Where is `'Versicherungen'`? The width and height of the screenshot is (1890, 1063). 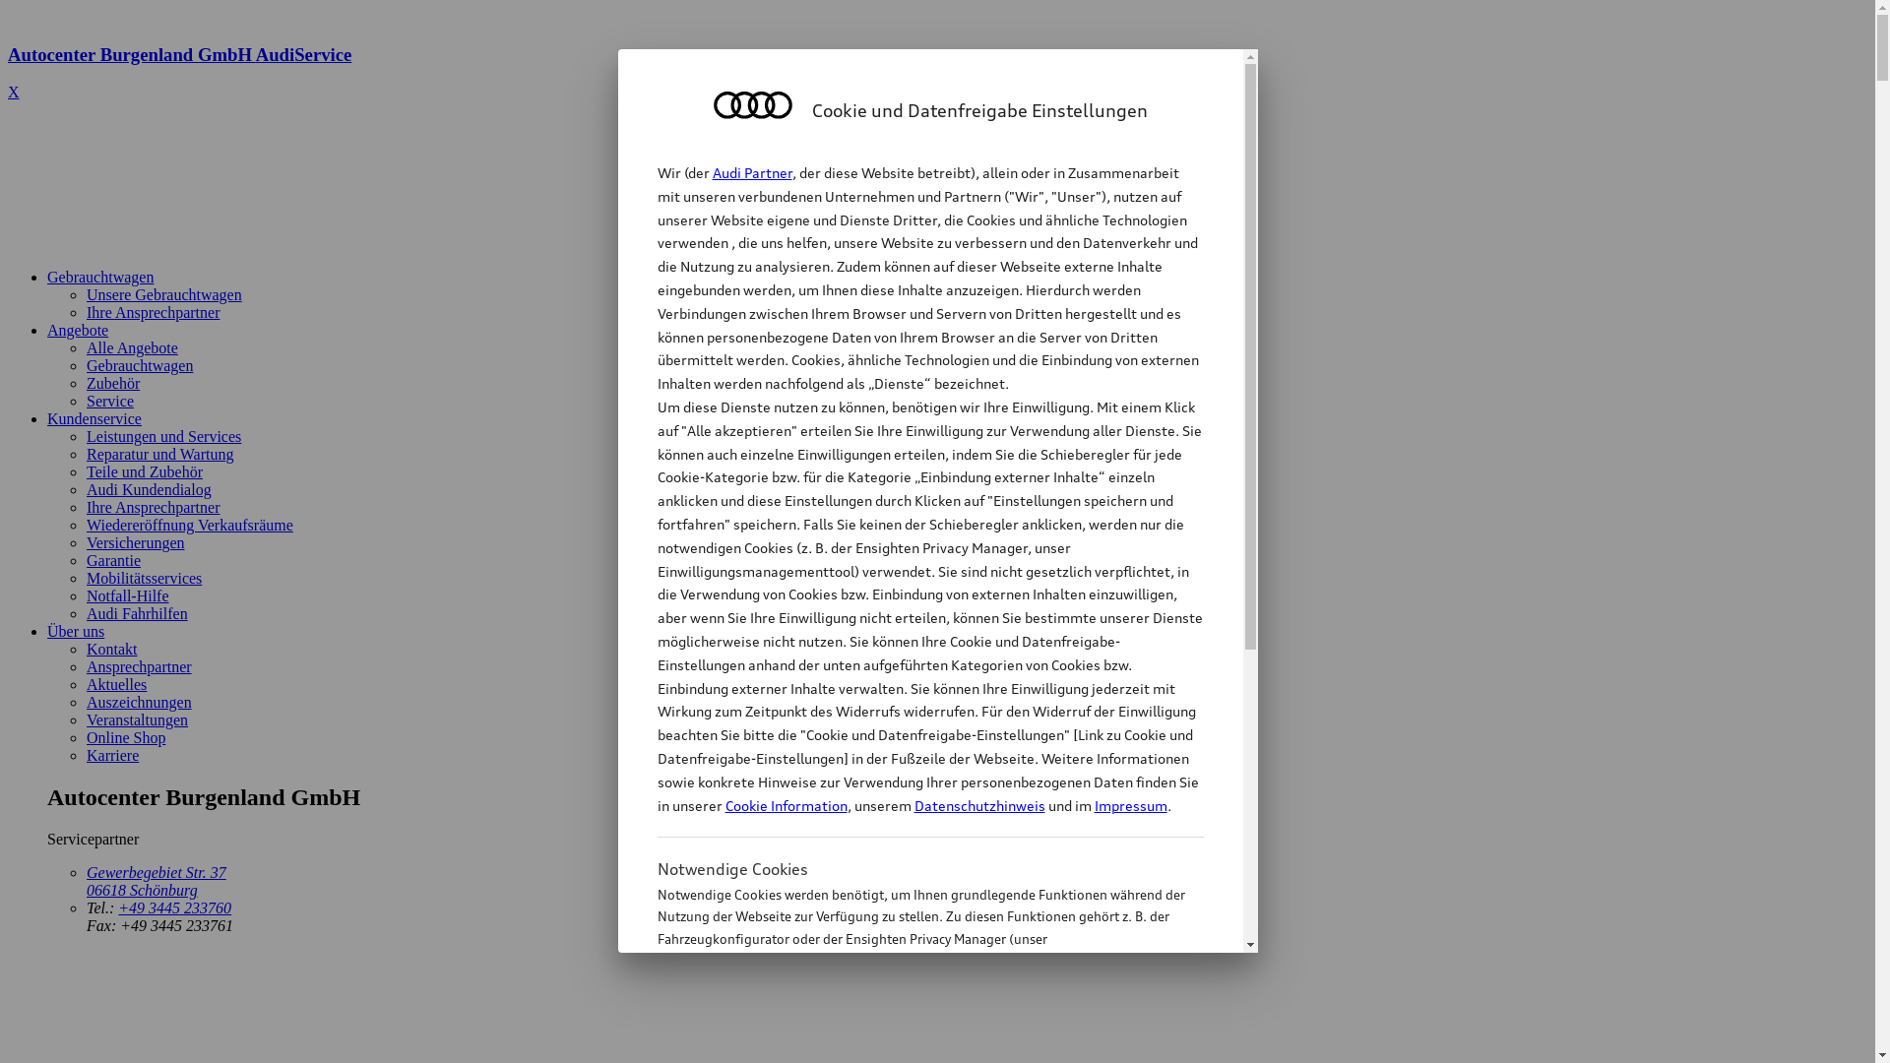
'Versicherungen' is located at coordinates (135, 542).